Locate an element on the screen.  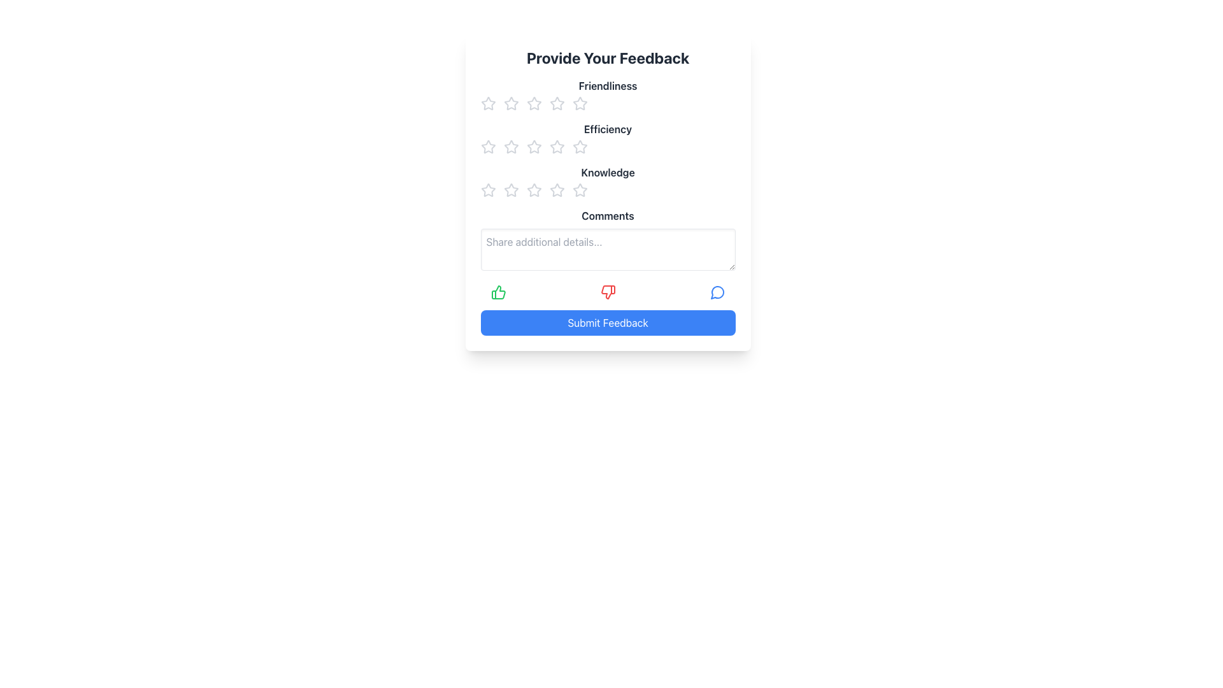
the third star icon from the left in the 'Knowledge' rating section is located at coordinates (579, 190).